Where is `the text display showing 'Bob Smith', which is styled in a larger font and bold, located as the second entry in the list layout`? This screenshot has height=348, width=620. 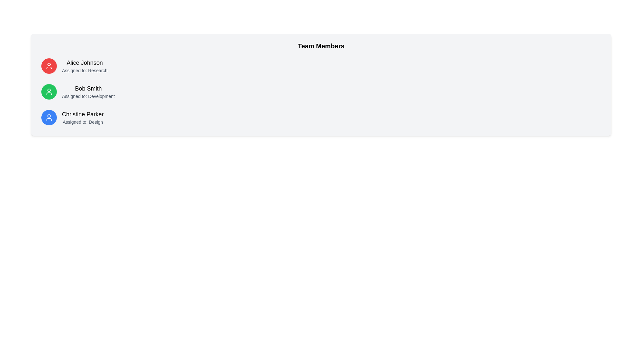 the text display showing 'Bob Smith', which is styled in a larger font and bold, located as the second entry in the list layout is located at coordinates (88, 88).